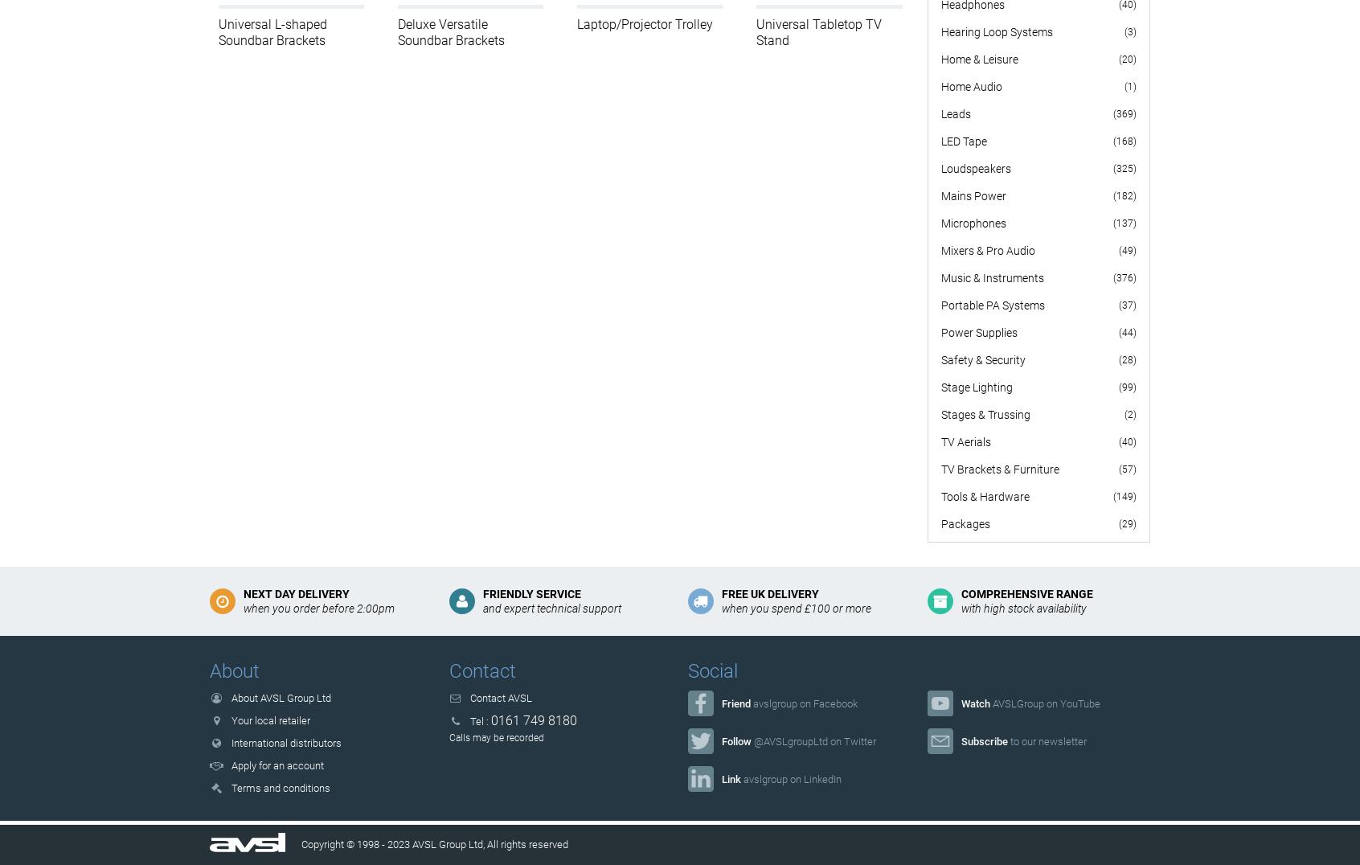  What do you see at coordinates (1025, 592) in the screenshot?
I see `'COMPREHENSIVE RANGE'` at bounding box center [1025, 592].